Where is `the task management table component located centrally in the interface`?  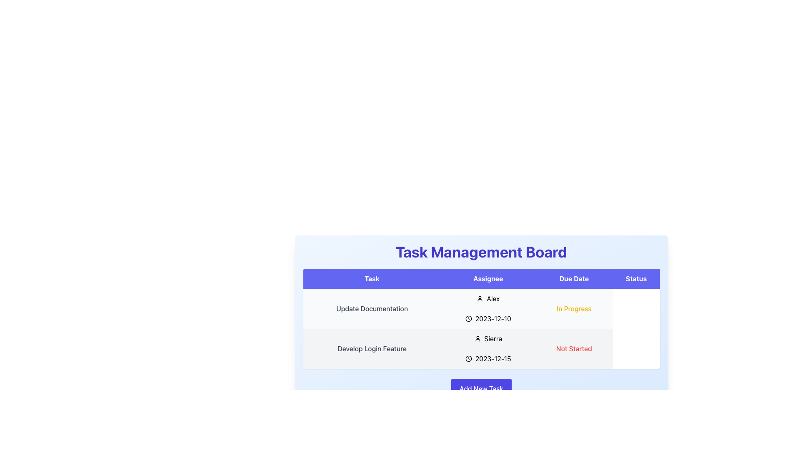 the task management table component located centrally in the interface is located at coordinates (481, 321).